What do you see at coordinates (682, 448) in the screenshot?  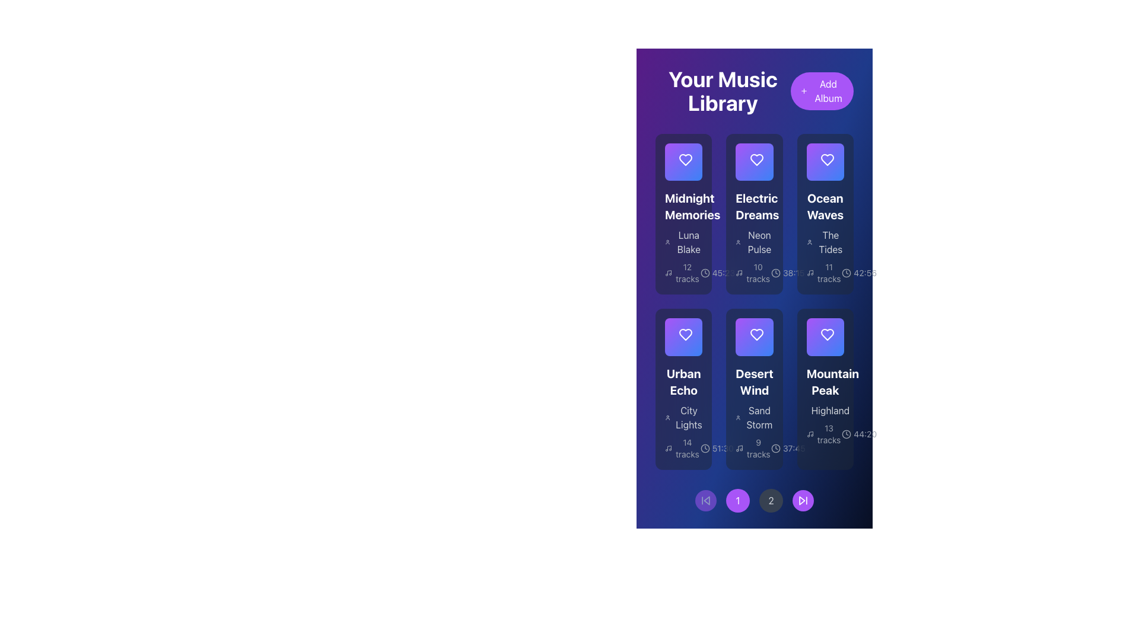 I see `the text displaying the number of tracks in the 'Urban Echo' album, located at the bottom-left corner of the 'Urban Echo' card, next to the duration text '51:30'` at bounding box center [682, 448].